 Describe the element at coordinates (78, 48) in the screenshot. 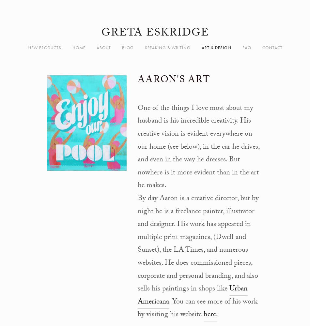

I see `'Home'` at that location.